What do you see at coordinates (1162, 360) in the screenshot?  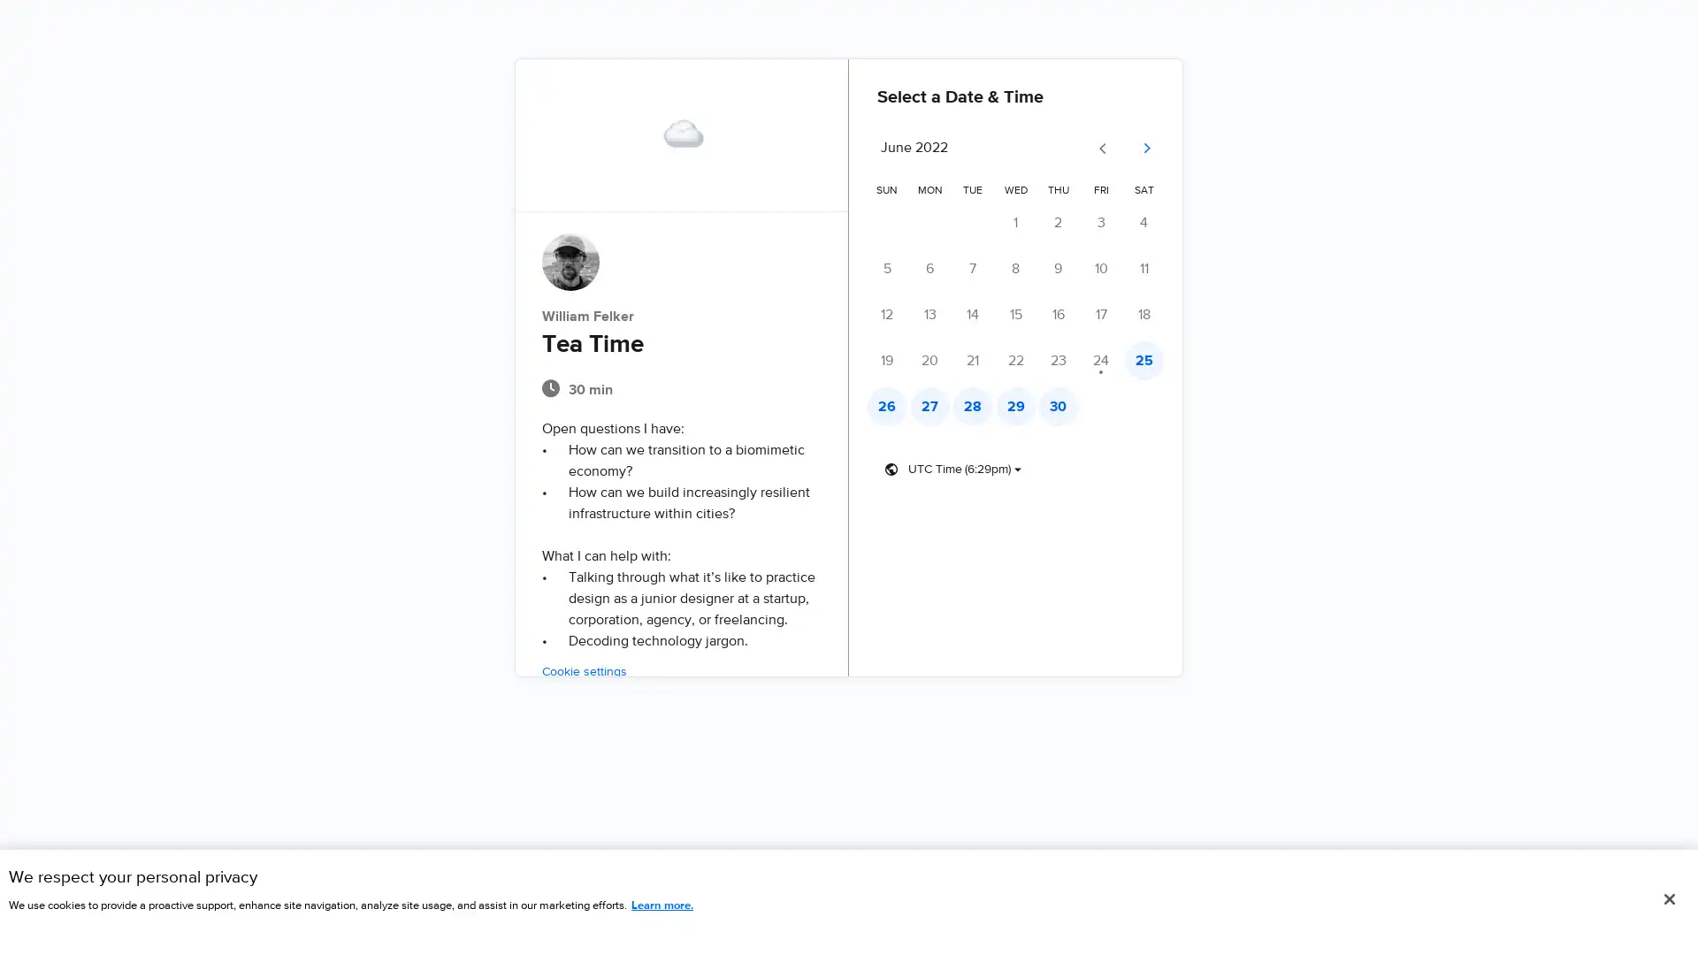 I see `Saturday, June 25 - Times available` at bounding box center [1162, 360].